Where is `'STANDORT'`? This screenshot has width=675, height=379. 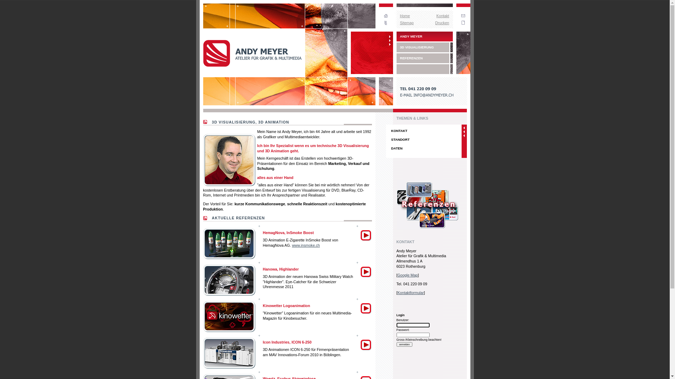
'STANDORT' is located at coordinates (423, 139).